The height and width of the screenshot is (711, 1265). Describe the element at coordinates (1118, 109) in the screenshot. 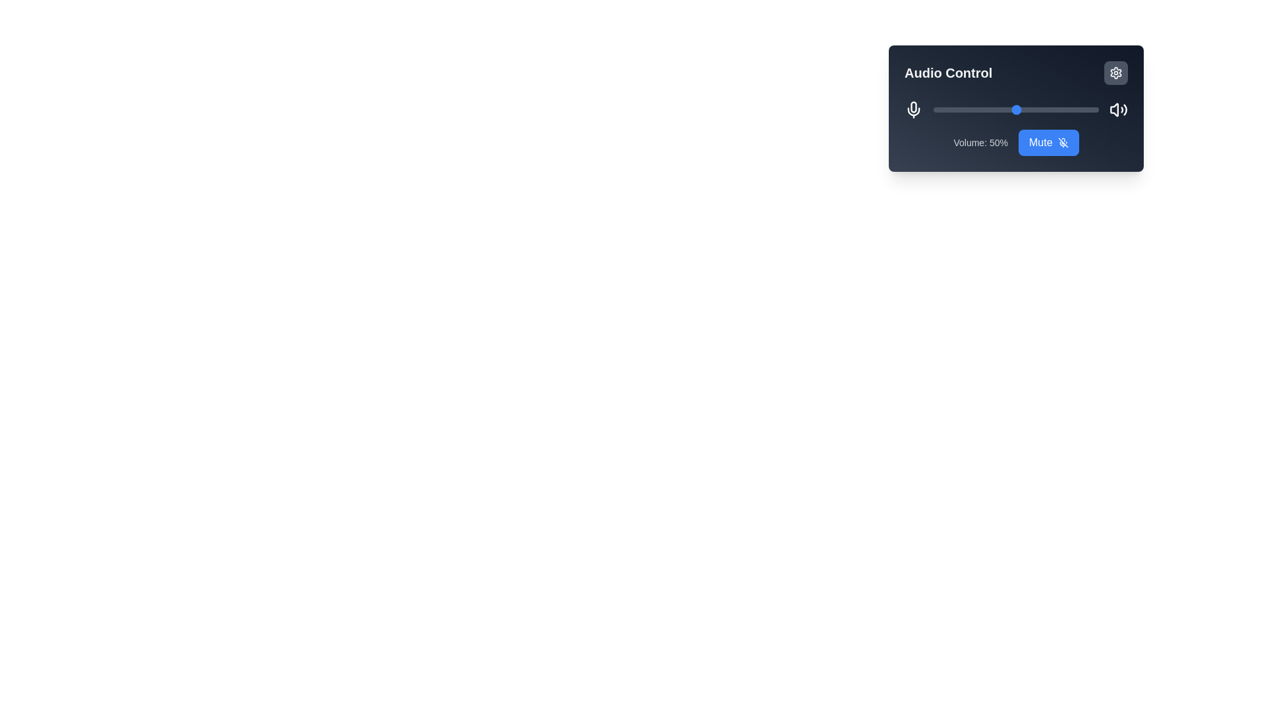

I see `the volume icon button located at the far right of the audio control interface` at that location.